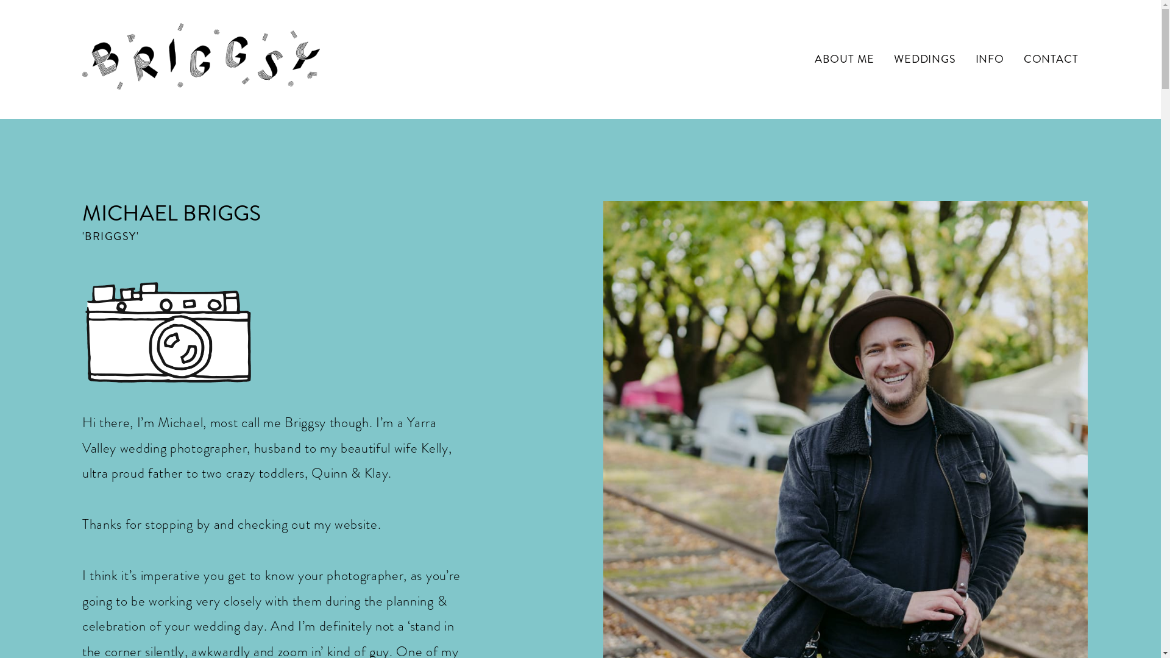 This screenshot has height=658, width=1170. Describe the element at coordinates (259, 434) in the screenshot. I see `'Yarra Valley wedding photographer'` at that location.